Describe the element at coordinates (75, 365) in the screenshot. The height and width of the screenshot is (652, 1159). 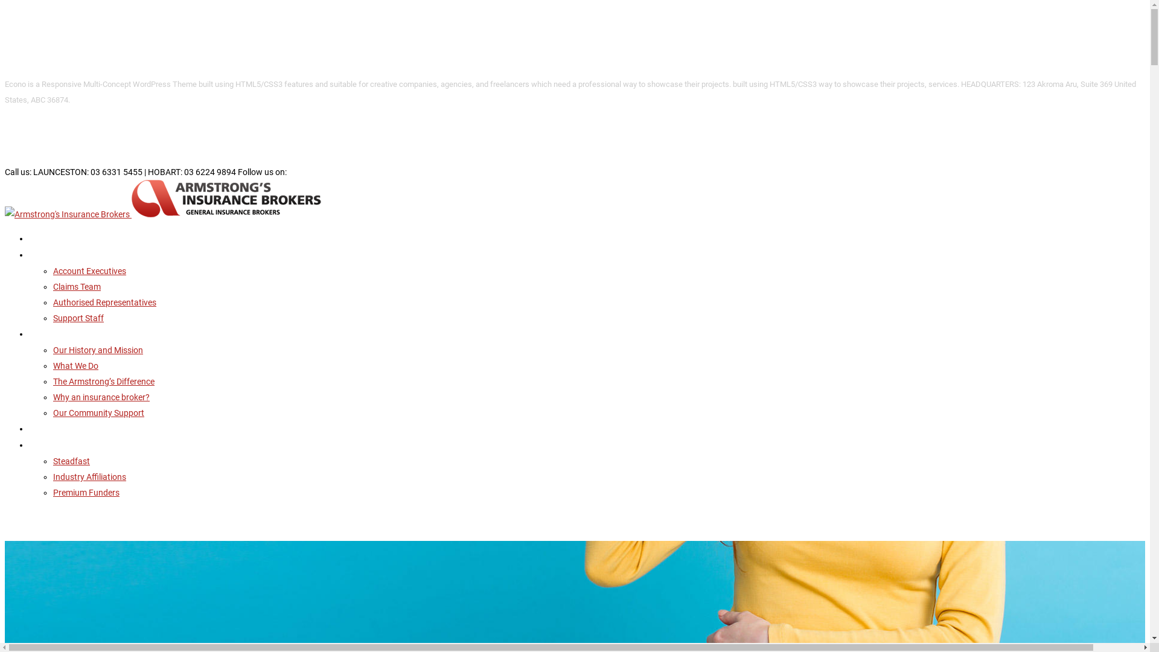
I see `'What We Do'` at that location.